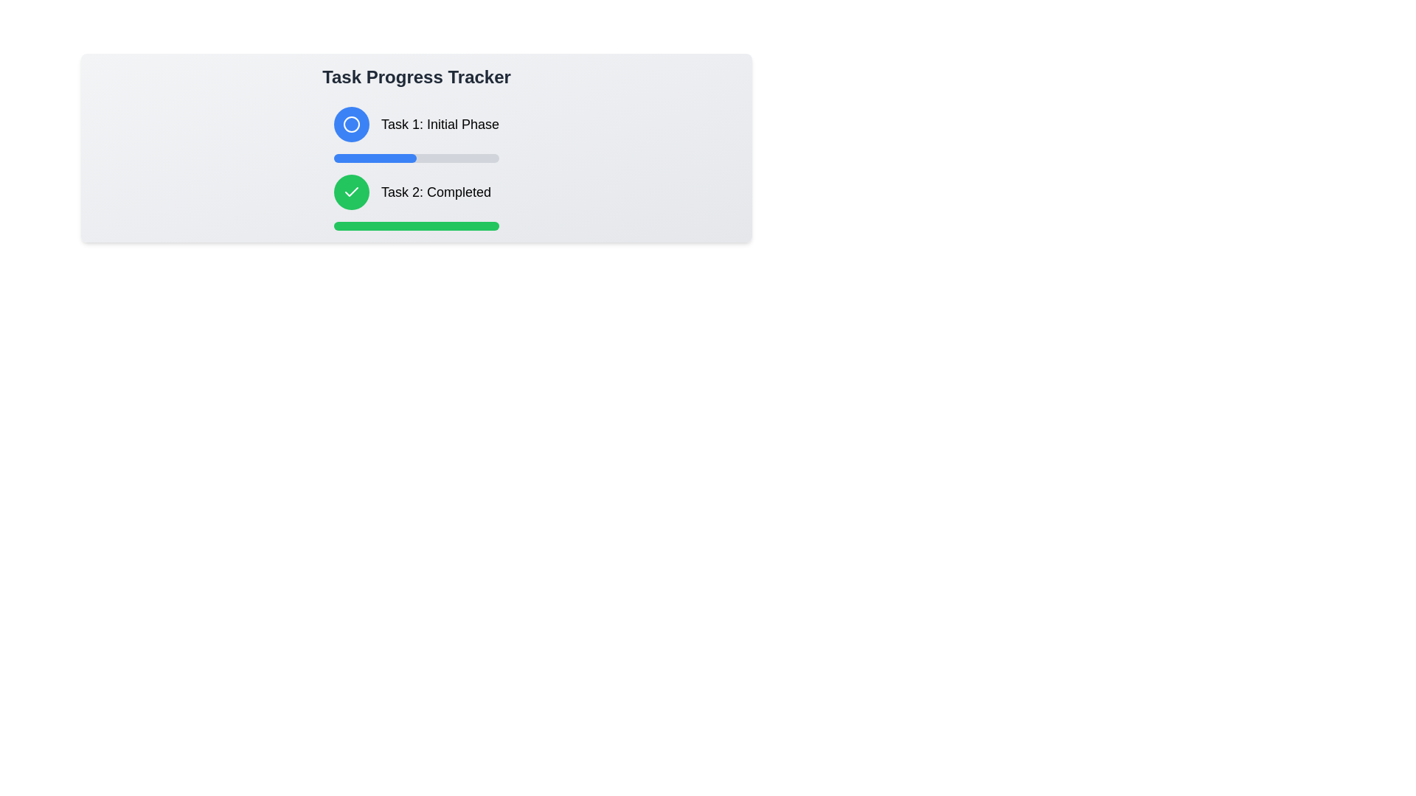 The image size is (1416, 796). I want to click on the icon associated with 'Task 1: Initial Phase' to interact with it, so click(350, 124).